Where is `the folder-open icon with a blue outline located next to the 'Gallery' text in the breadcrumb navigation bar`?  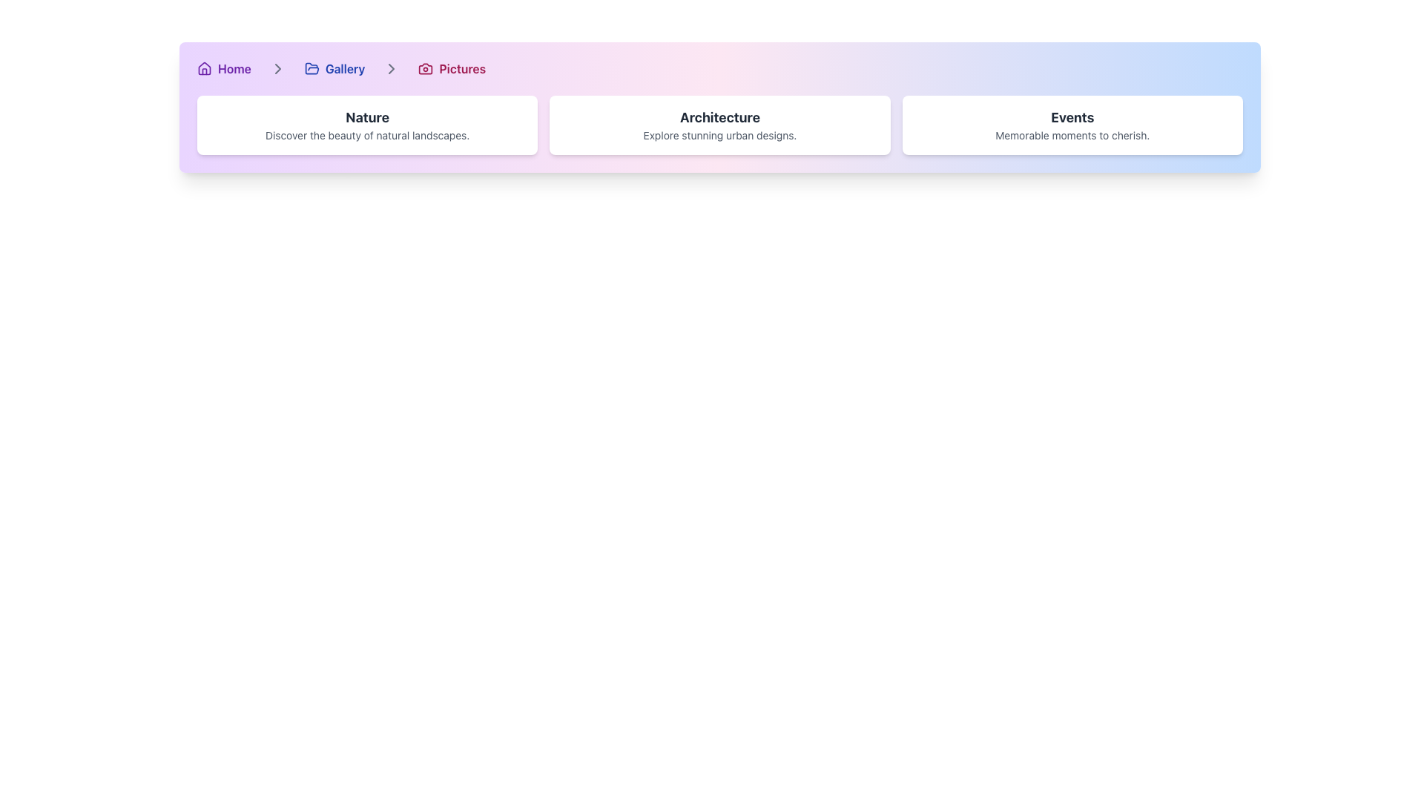 the folder-open icon with a blue outline located next to the 'Gallery' text in the breadcrumb navigation bar is located at coordinates (311, 68).